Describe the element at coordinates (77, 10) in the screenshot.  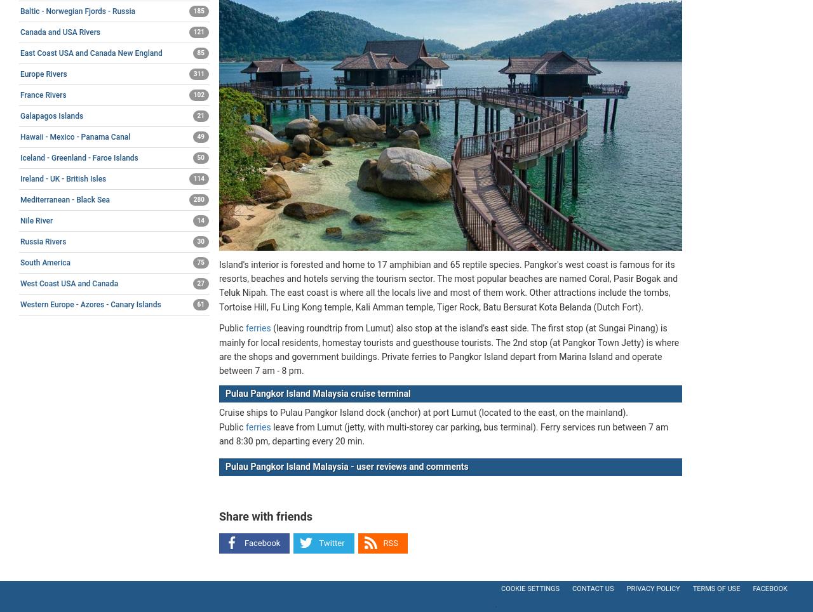
I see `'Baltic - Norwegian Fjords - Russia'` at that location.